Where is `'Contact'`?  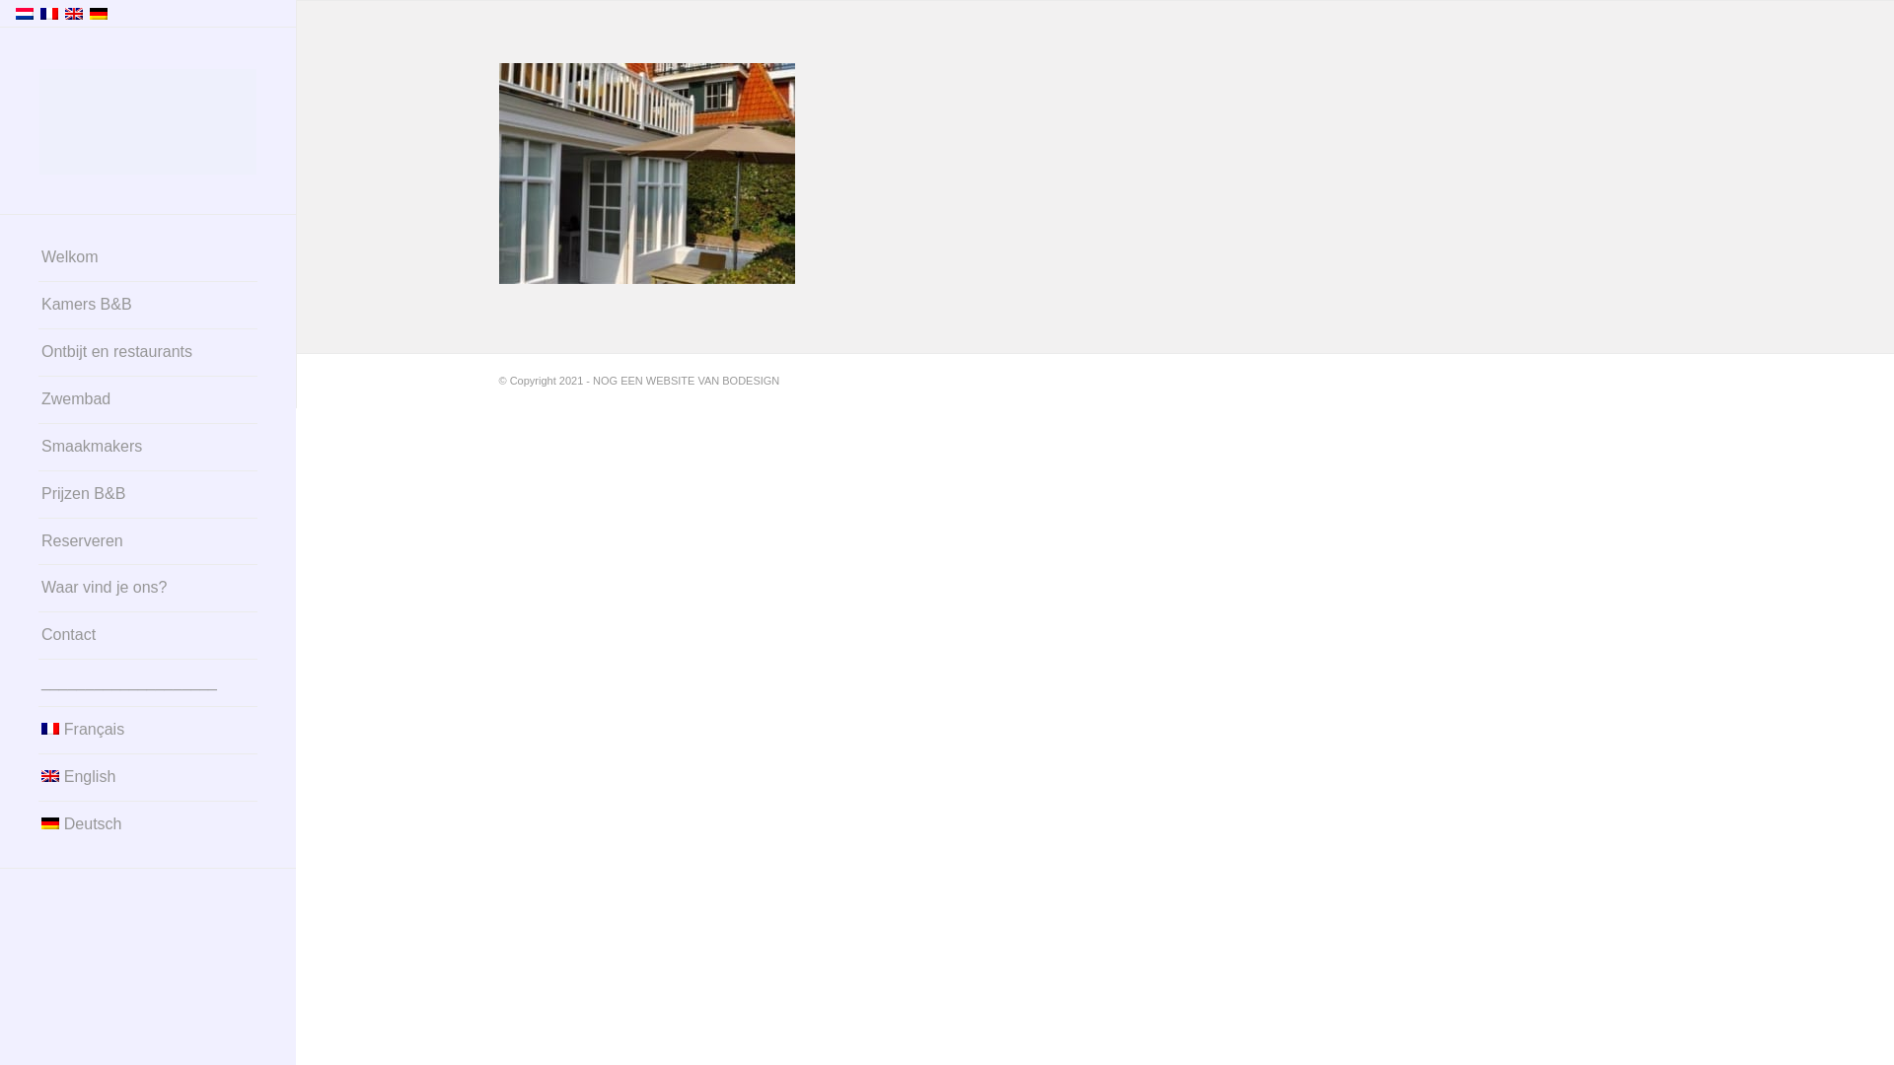
'Contact' is located at coordinates (146, 635).